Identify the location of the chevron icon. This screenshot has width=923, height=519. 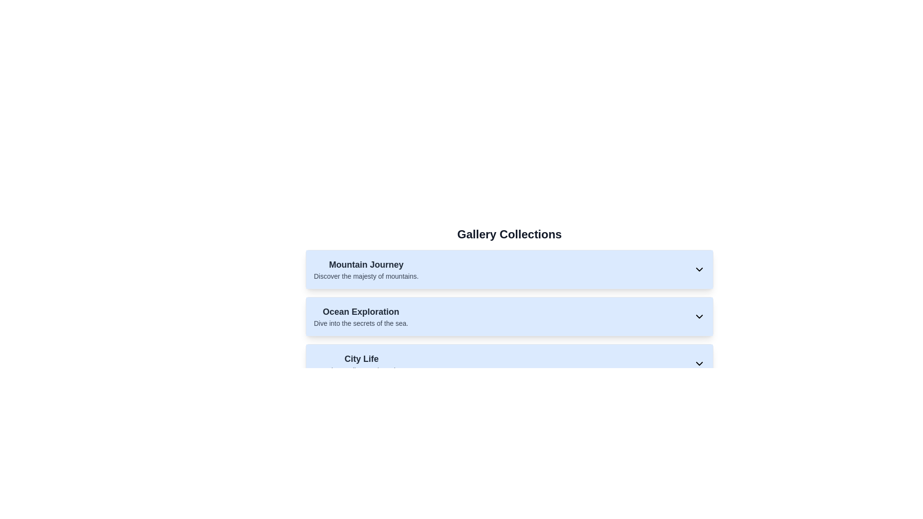
(699, 317).